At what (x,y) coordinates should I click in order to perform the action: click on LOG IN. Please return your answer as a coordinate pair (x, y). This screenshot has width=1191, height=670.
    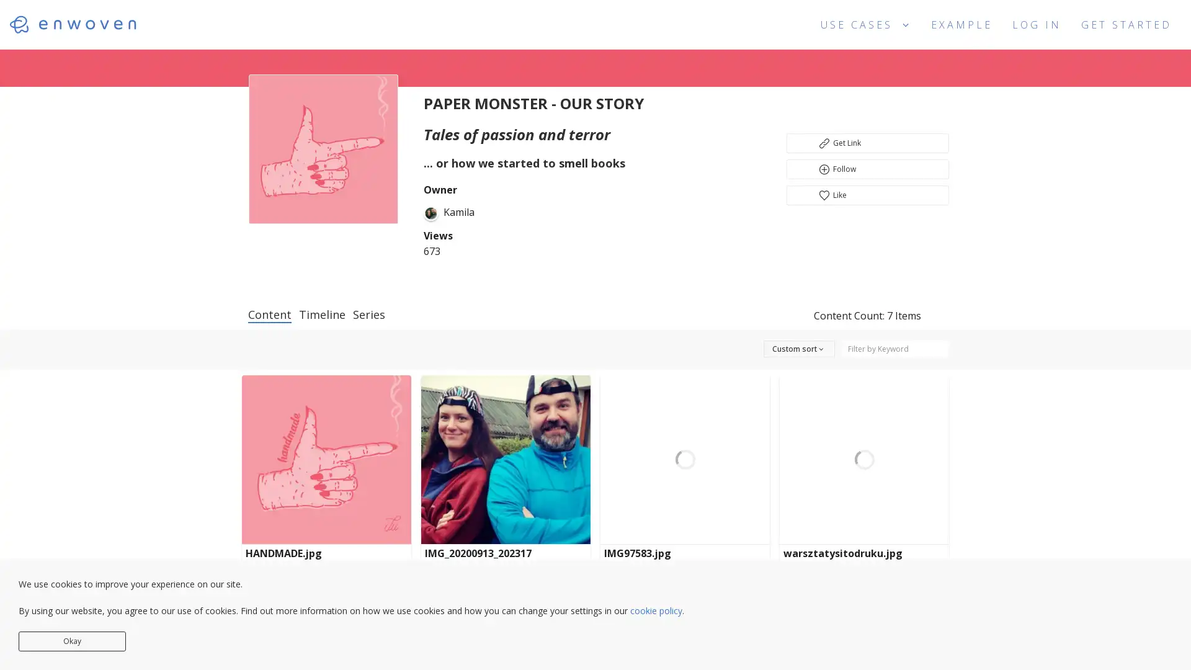
    Looking at the image, I should click on (1037, 23).